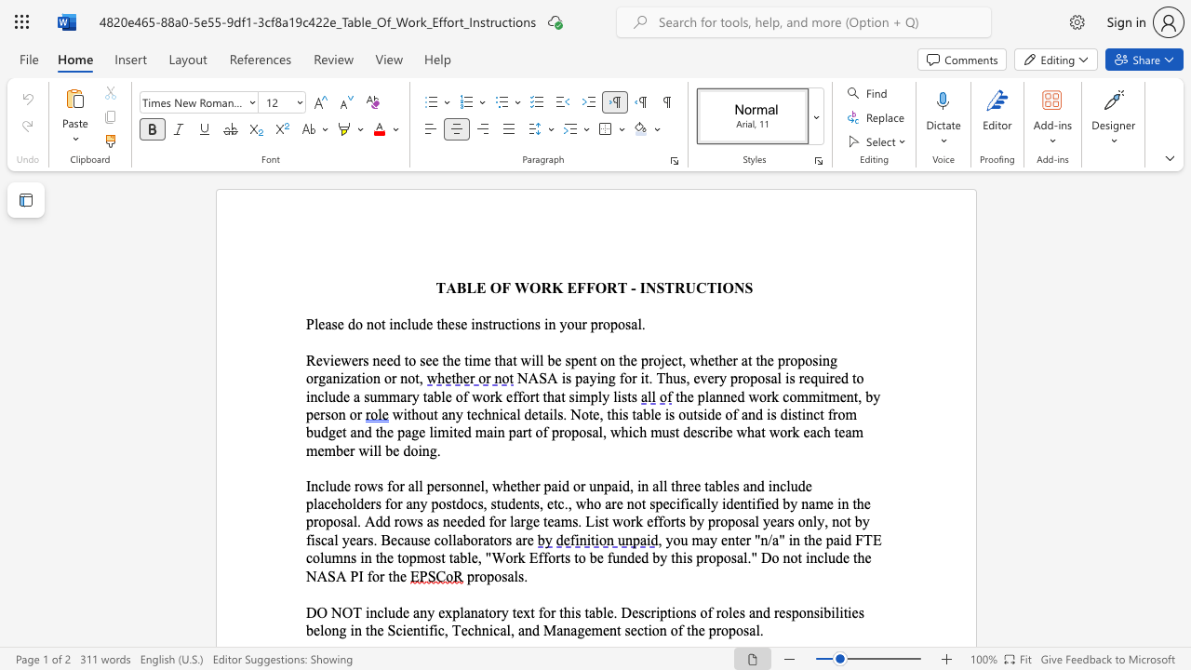  I want to click on the subset text "rows as nee" within the text "by name in the proposal. Add rows as needed for large teams. List work efforts by proposal years only, not by fiscal years. Because collaborators are", so click(393, 521).